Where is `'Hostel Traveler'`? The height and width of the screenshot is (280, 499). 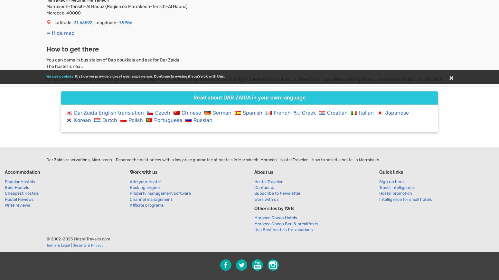
'Hostel Traveler' is located at coordinates (268, 181).